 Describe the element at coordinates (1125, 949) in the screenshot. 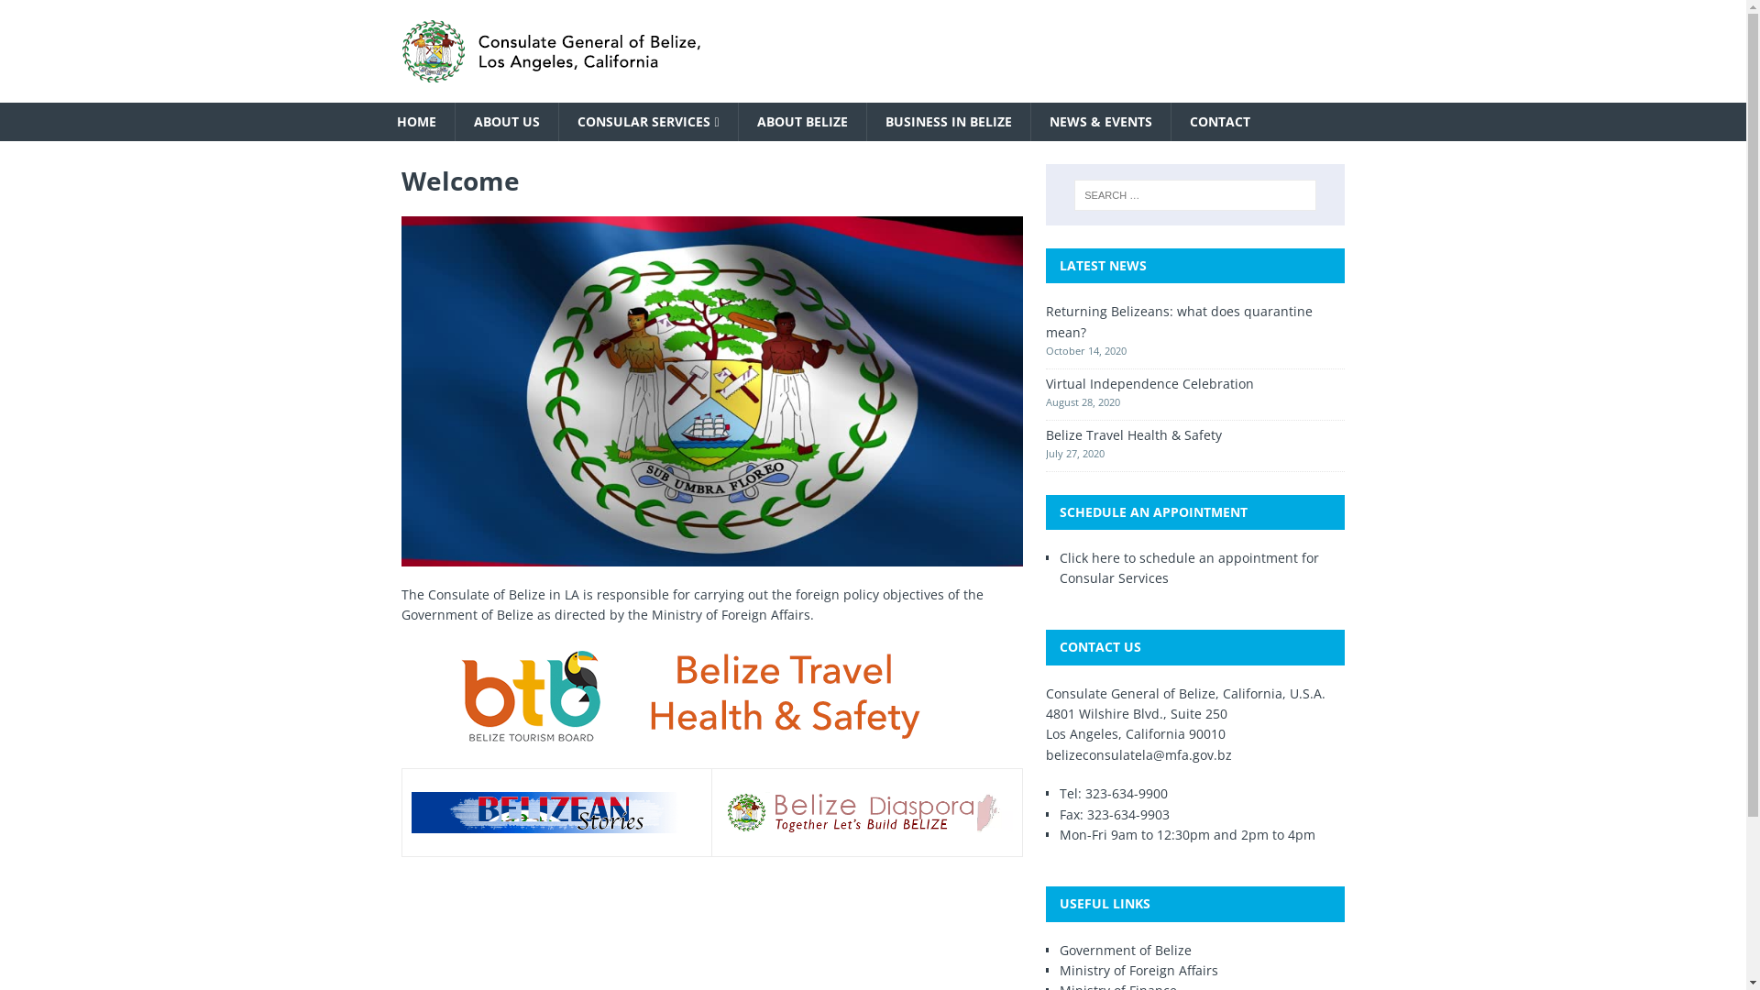

I see `'Government of Belize'` at that location.